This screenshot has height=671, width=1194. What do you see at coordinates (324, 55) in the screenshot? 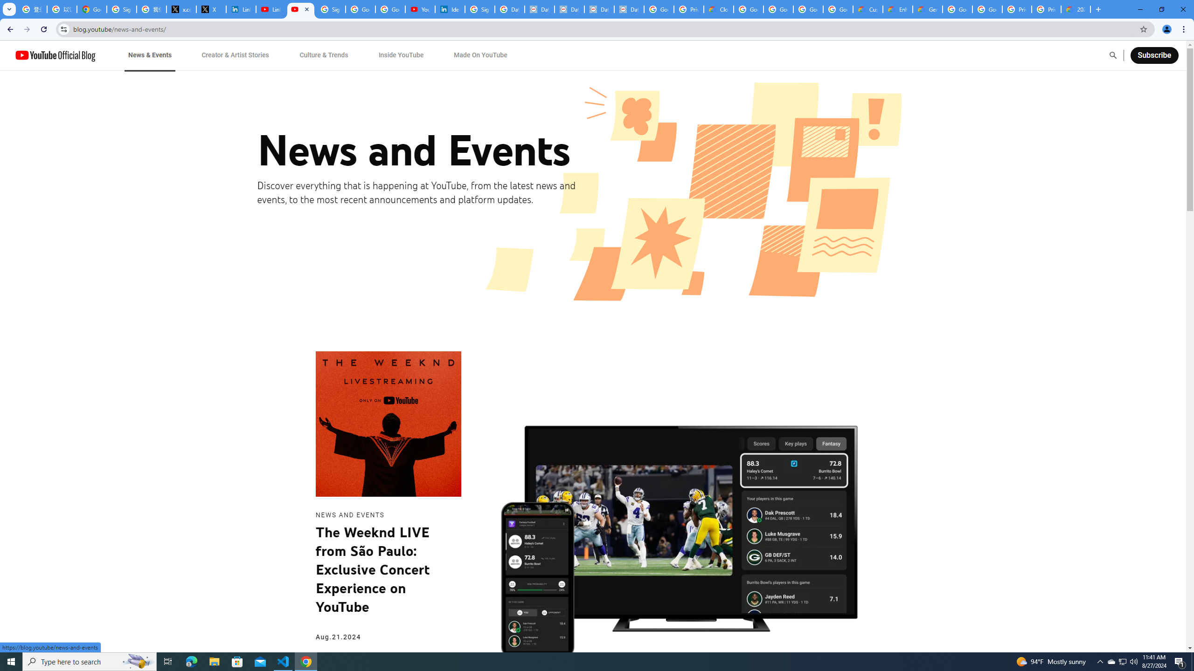
I see `'Culture & Trends'` at bounding box center [324, 55].